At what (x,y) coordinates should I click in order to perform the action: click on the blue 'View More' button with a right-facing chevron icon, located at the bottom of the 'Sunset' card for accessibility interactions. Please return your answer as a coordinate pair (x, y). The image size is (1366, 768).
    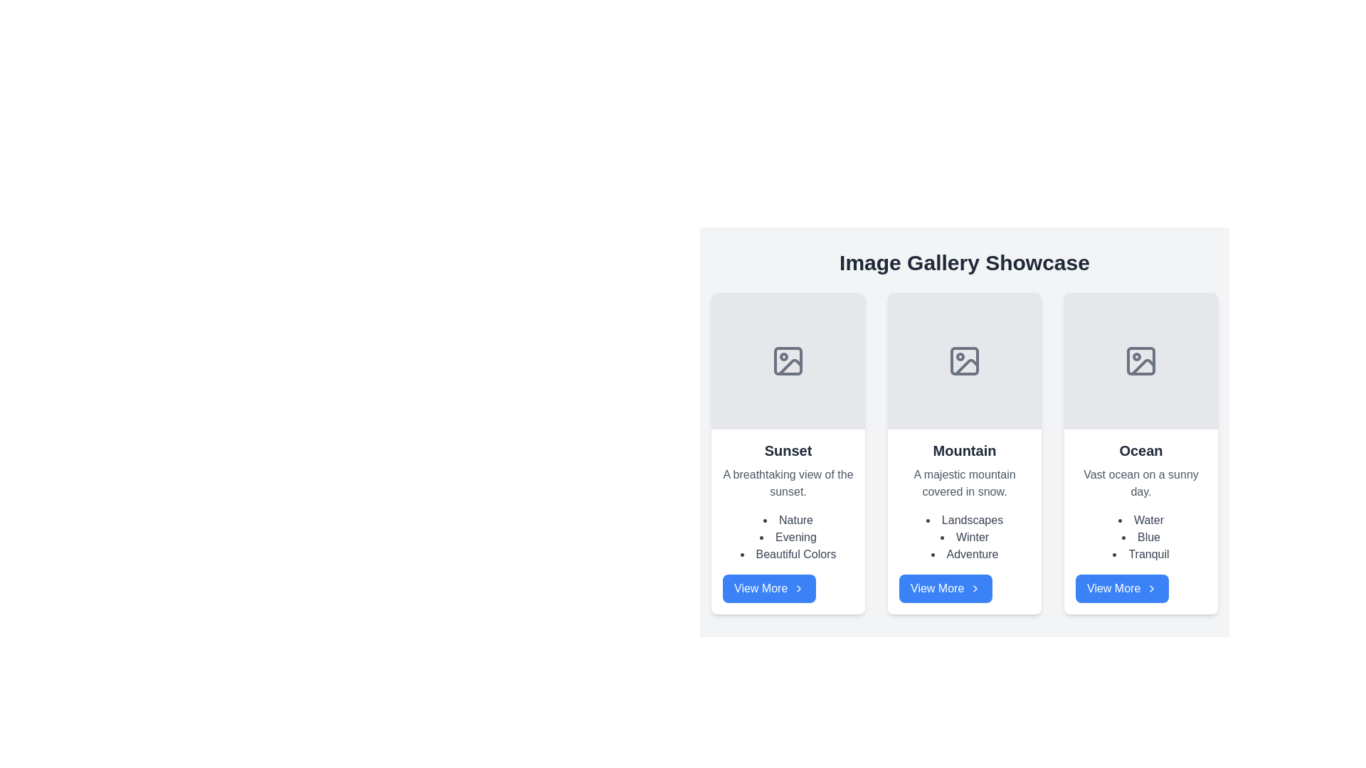
    Looking at the image, I should click on (768, 589).